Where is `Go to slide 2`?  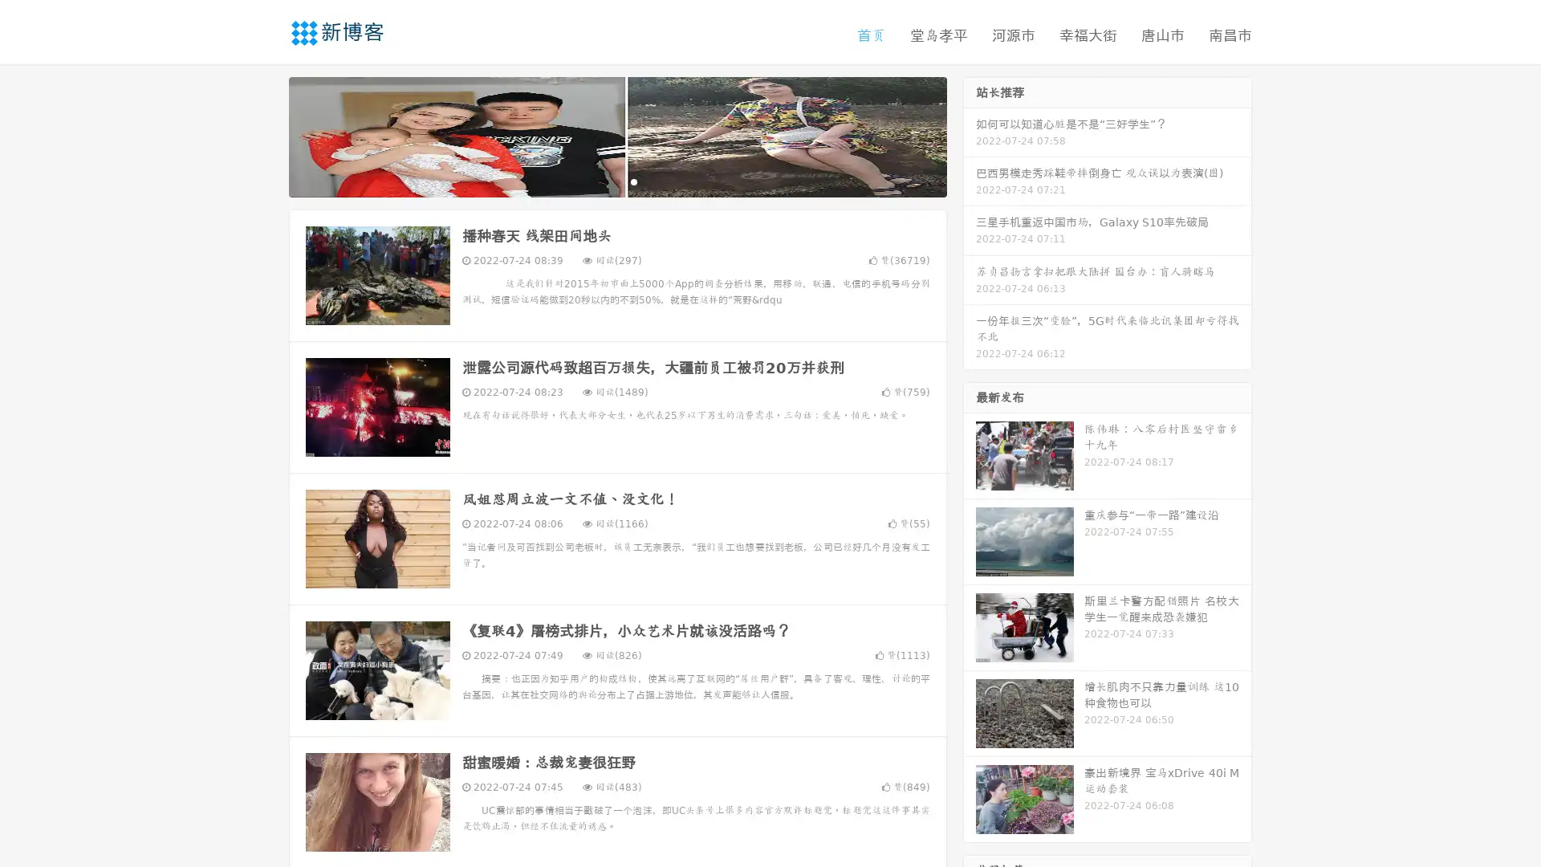 Go to slide 2 is located at coordinates (616, 181).